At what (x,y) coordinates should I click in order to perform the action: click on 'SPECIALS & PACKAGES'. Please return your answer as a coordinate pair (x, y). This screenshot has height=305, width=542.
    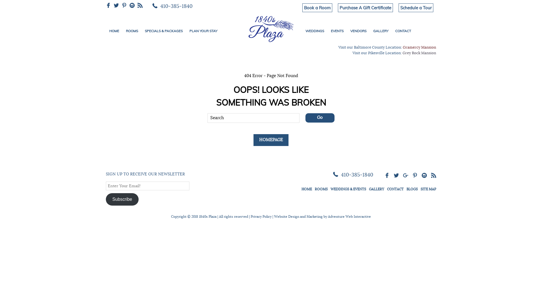
    Looking at the image, I should click on (163, 31).